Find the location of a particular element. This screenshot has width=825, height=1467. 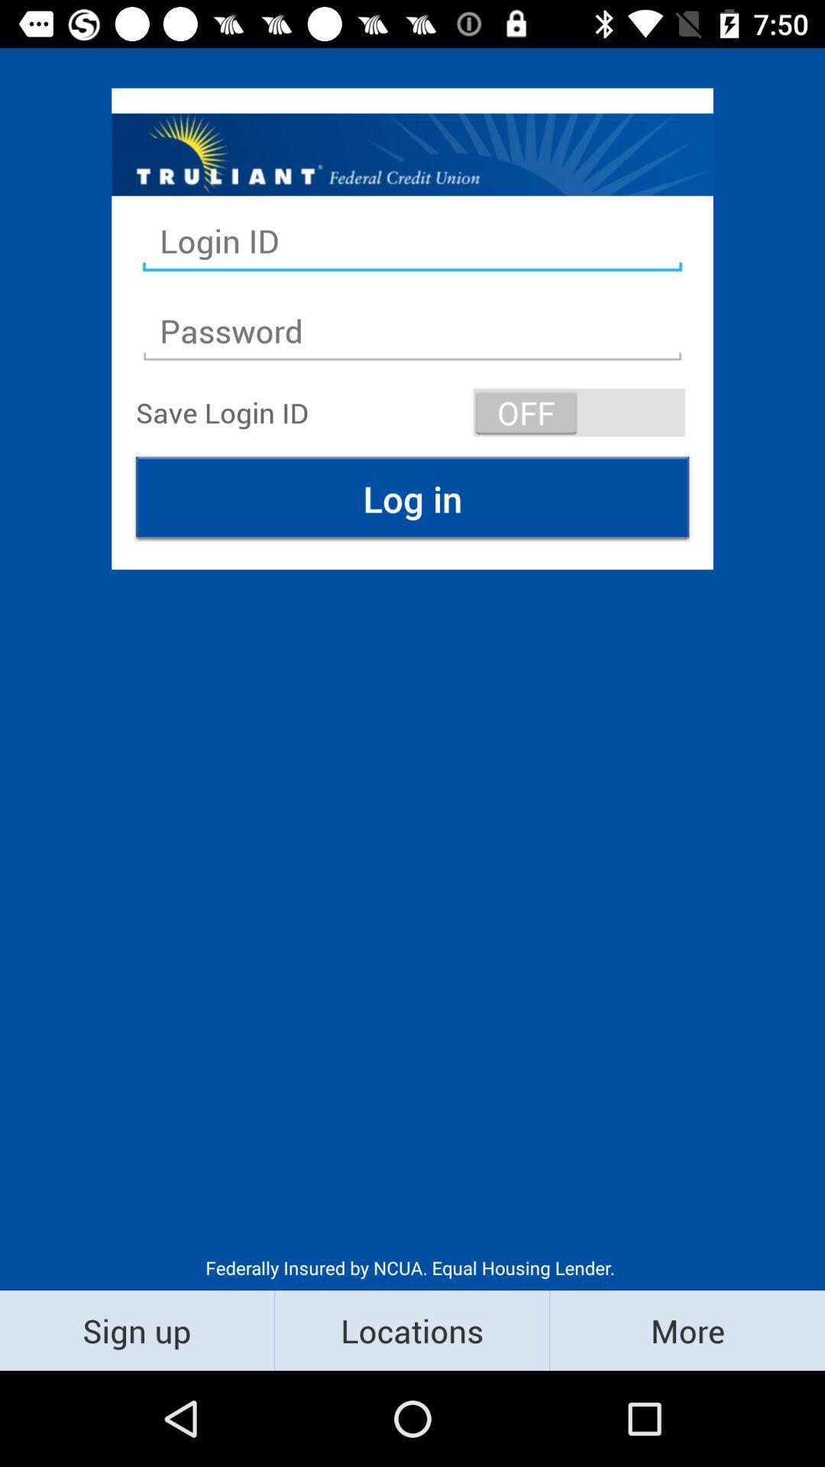

the more icon is located at coordinates (686, 1329).